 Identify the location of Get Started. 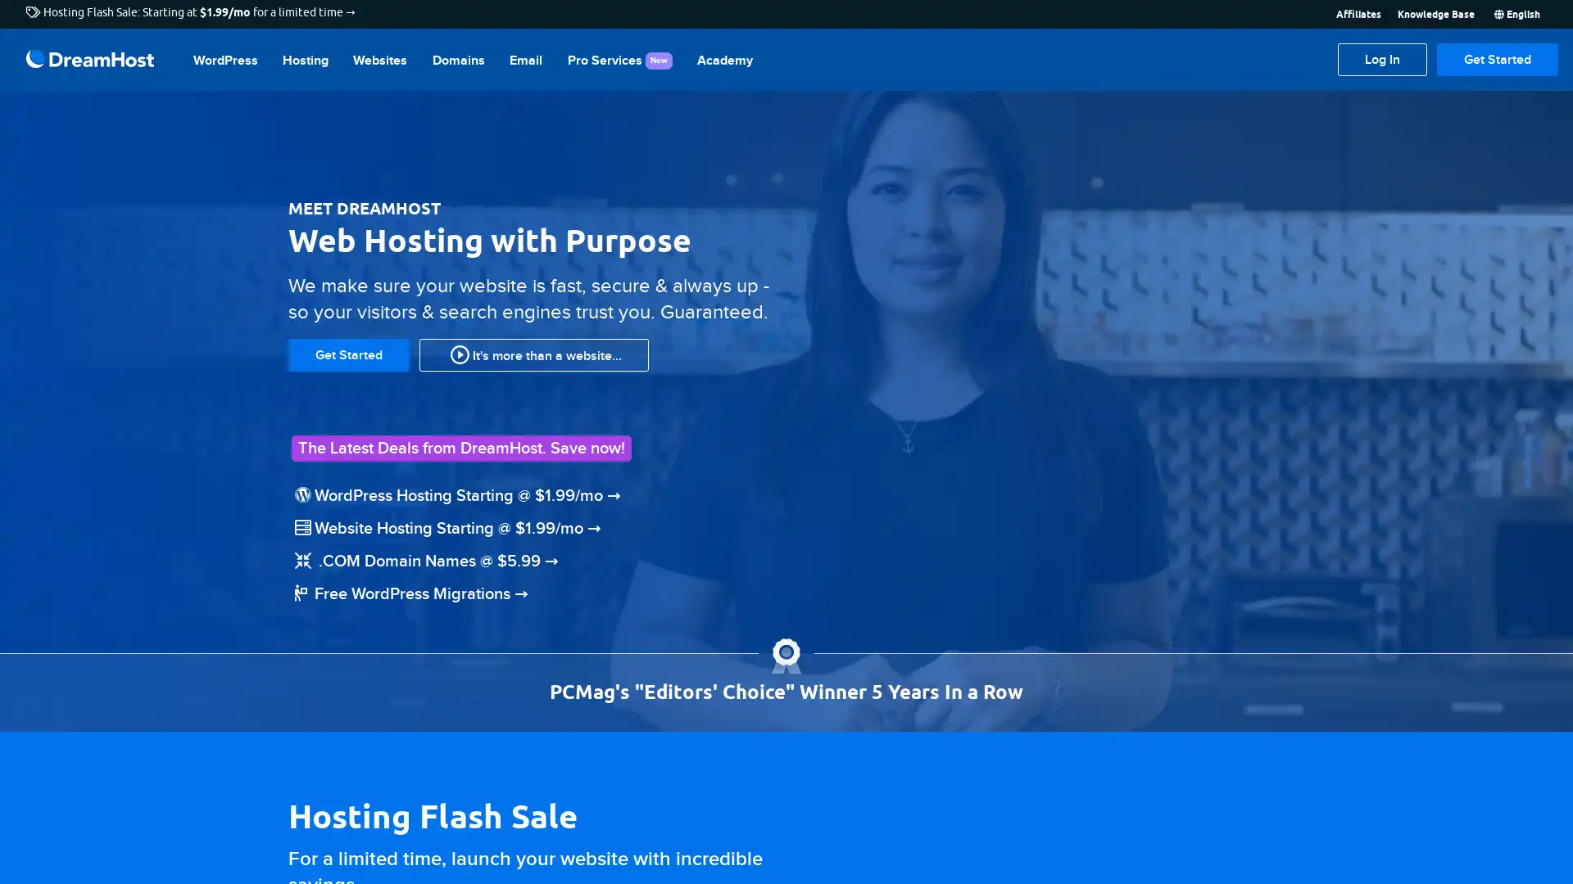
(1498, 59).